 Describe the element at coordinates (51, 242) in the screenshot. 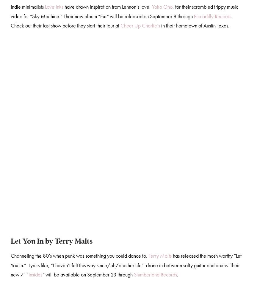

I see `'Let You In by Terry Malts'` at that location.